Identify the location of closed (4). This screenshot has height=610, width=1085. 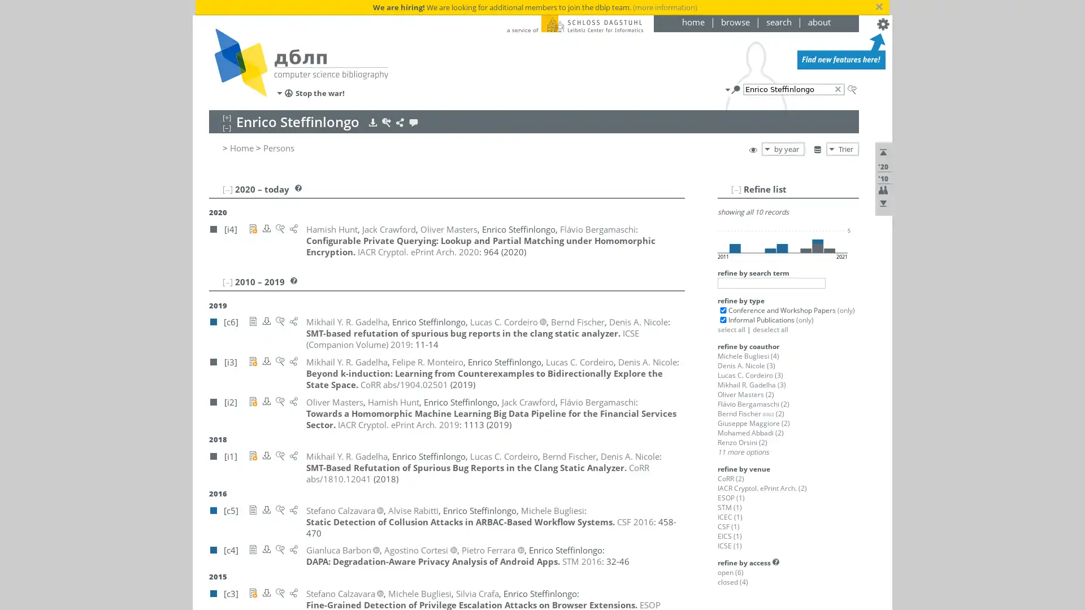
(732, 582).